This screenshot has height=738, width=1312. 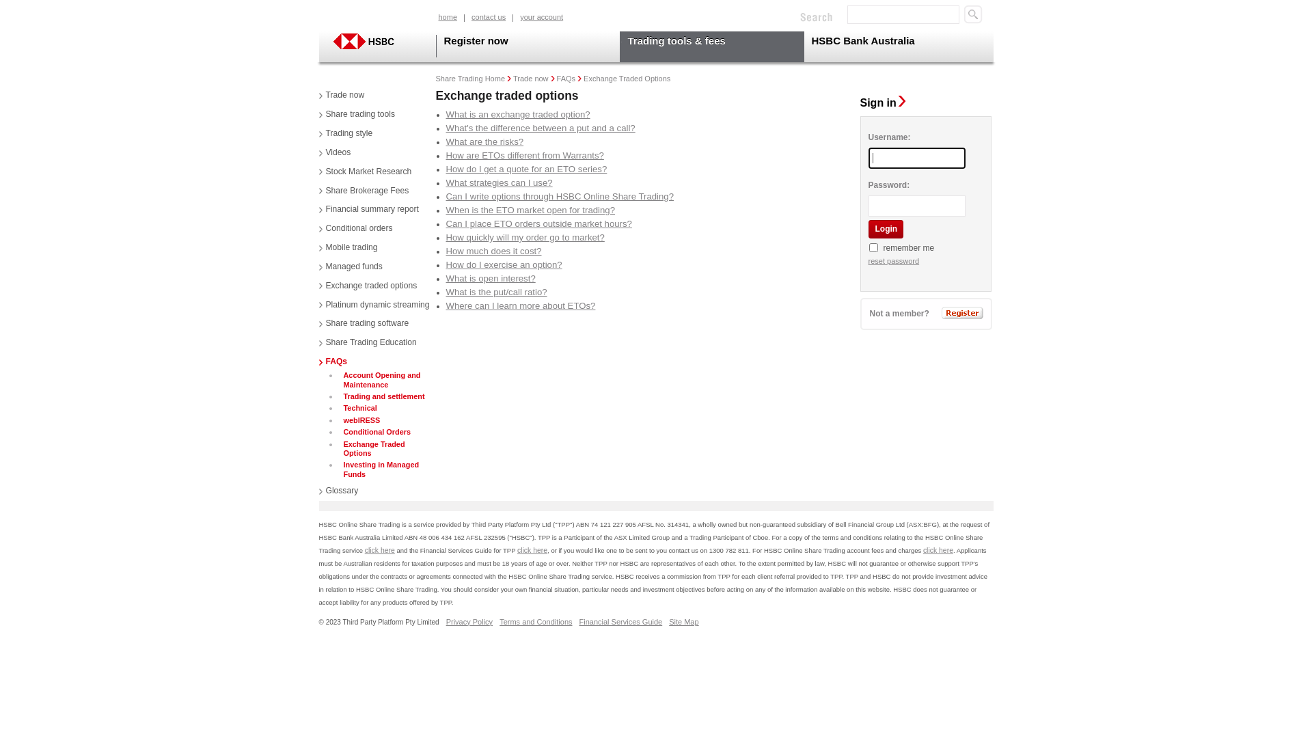 What do you see at coordinates (358, 407) in the screenshot?
I see `'Technical'` at bounding box center [358, 407].